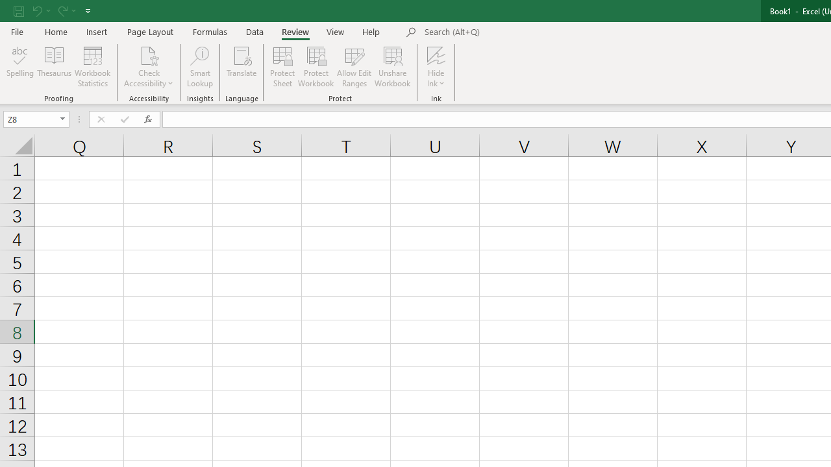 The width and height of the screenshot is (831, 467). What do you see at coordinates (242, 67) in the screenshot?
I see `'Translate'` at bounding box center [242, 67].